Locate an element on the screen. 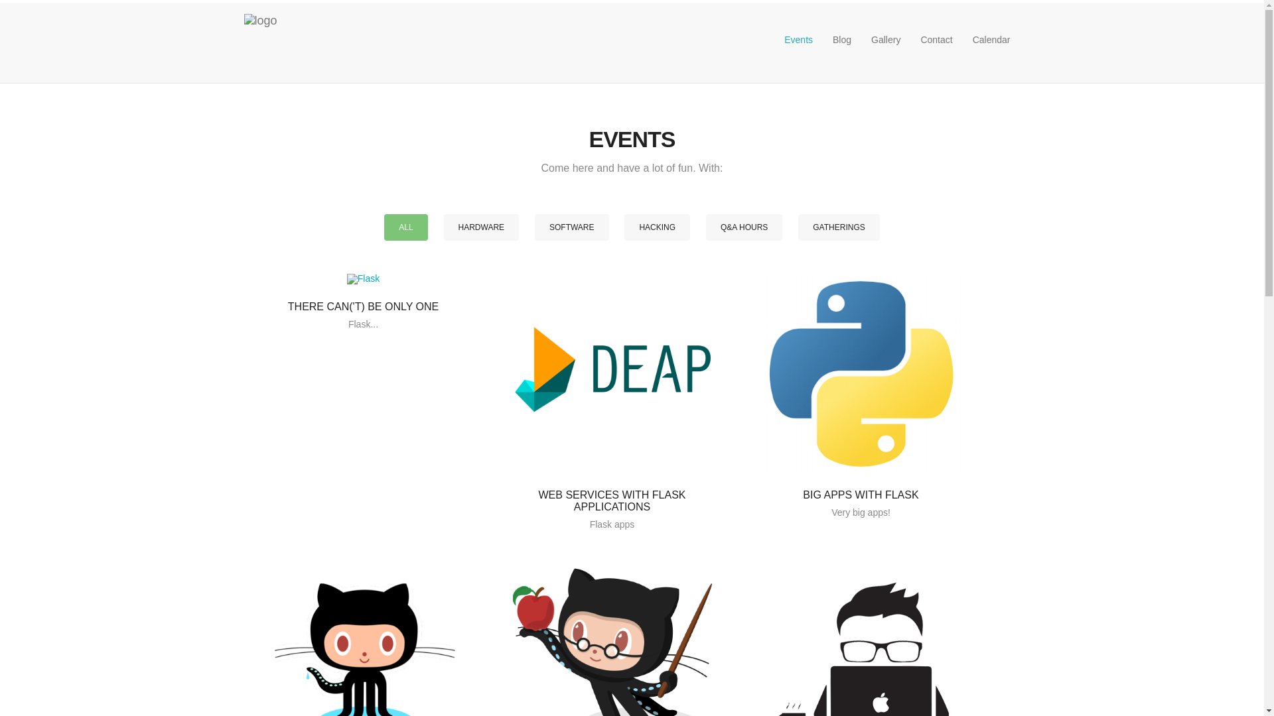 Image resolution: width=1274 pixels, height=716 pixels. 'SOFTWARE' is located at coordinates (535, 227).